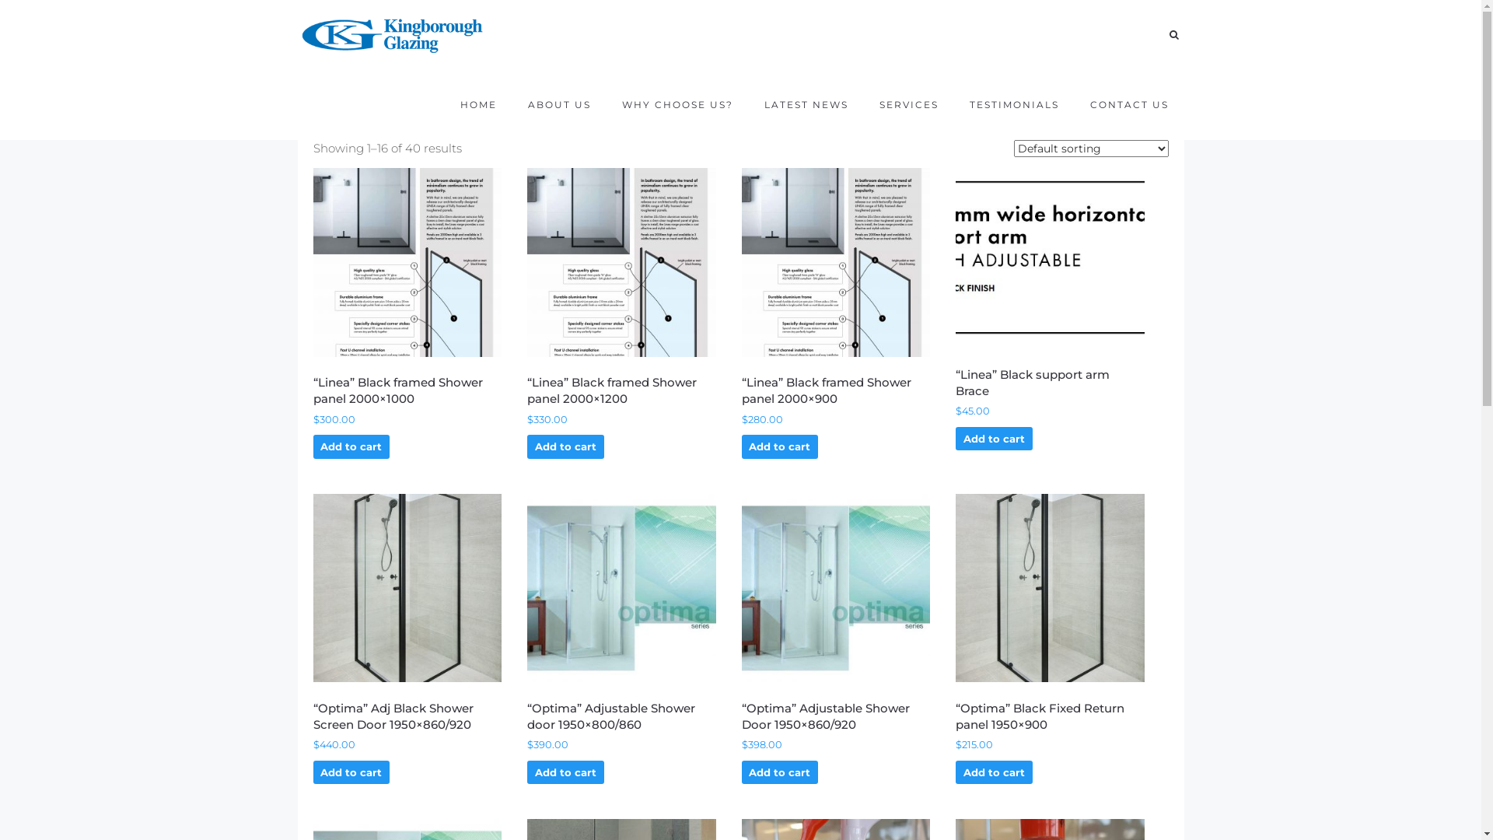 The image size is (1493, 840). What do you see at coordinates (909, 105) in the screenshot?
I see `'SERVICES'` at bounding box center [909, 105].